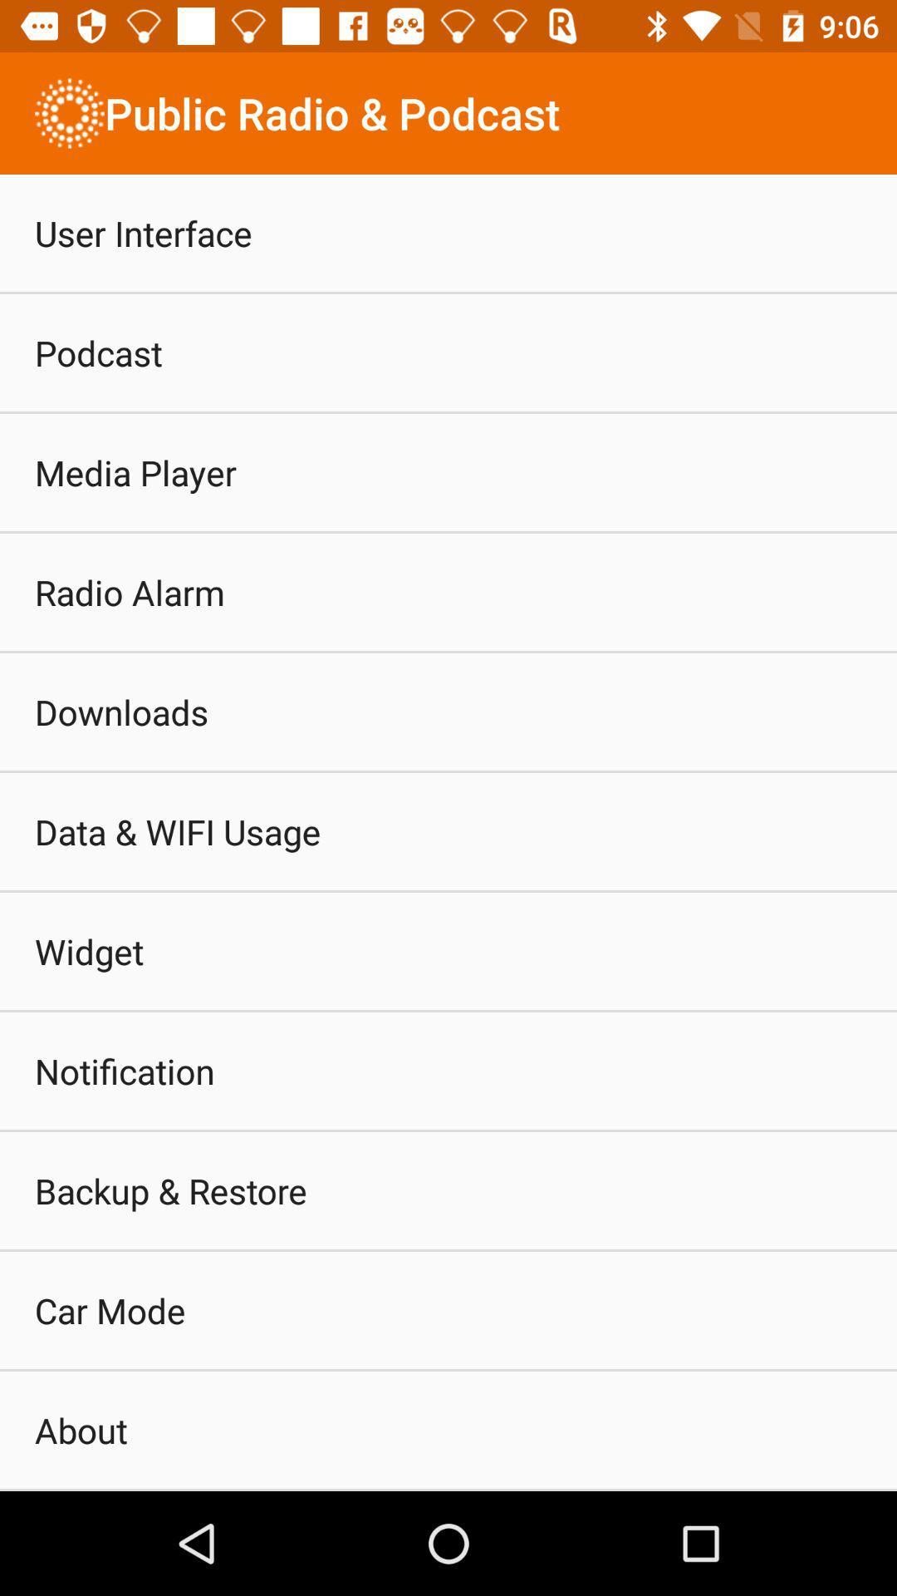 The height and width of the screenshot is (1596, 897). What do you see at coordinates (170, 1190) in the screenshot?
I see `the item below notification app` at bounding box center [170, 1190].